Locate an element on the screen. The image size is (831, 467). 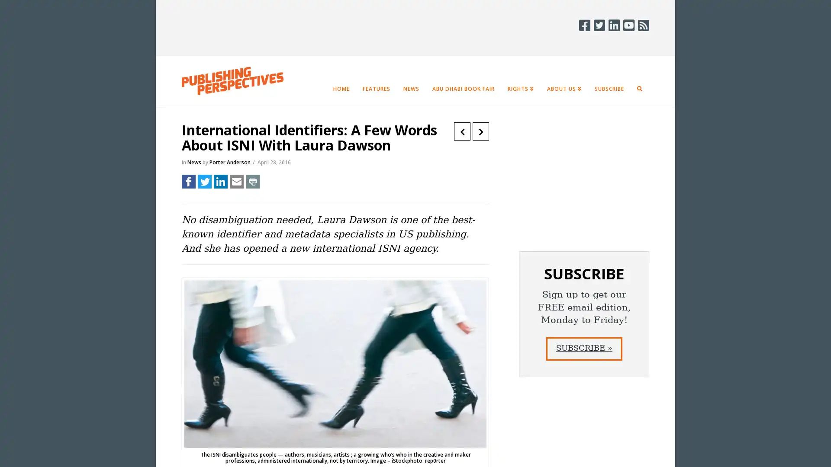
Share to Print is located at coordinates (252, 181).